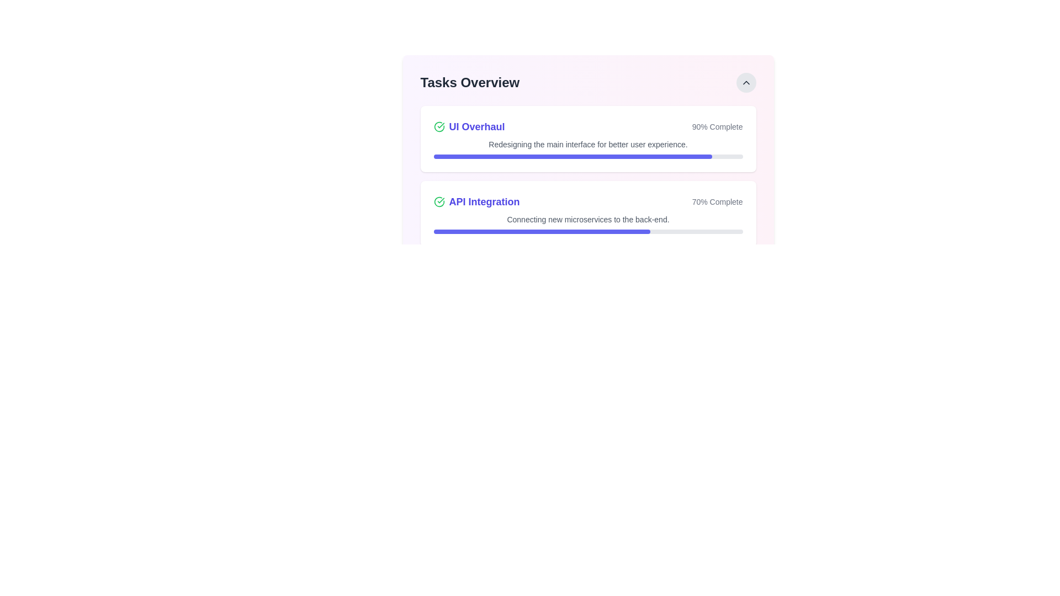  What do you see at coordinates (476, 202) in the screenshot?
I see `the text label indicating the task identity as 'API Integration', which is located below the 'UI Overhaul' task and next to a green checkmark icon` at bounding box center [476, 202].